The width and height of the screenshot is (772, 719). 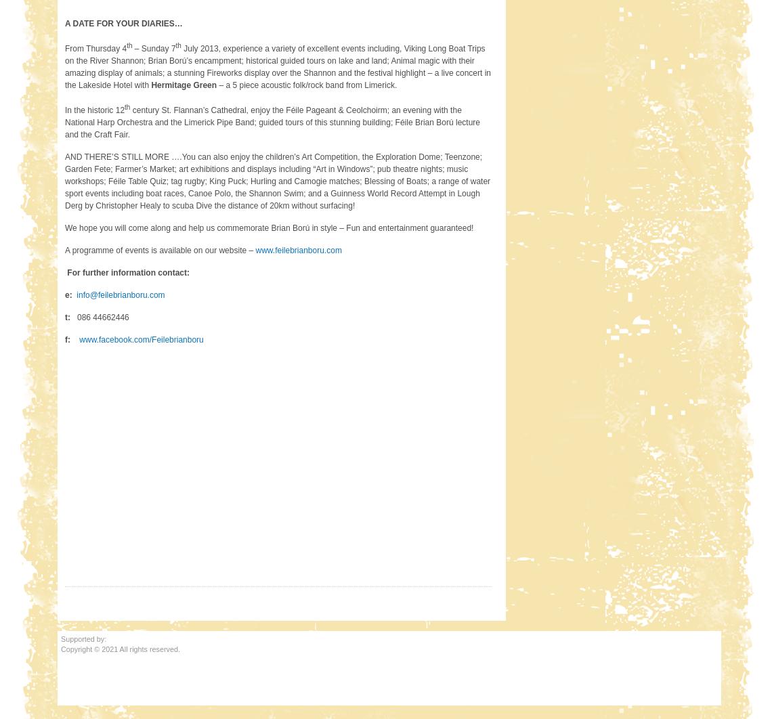 I want to click on 'Hermitage Green', so click(x=183, y=84).